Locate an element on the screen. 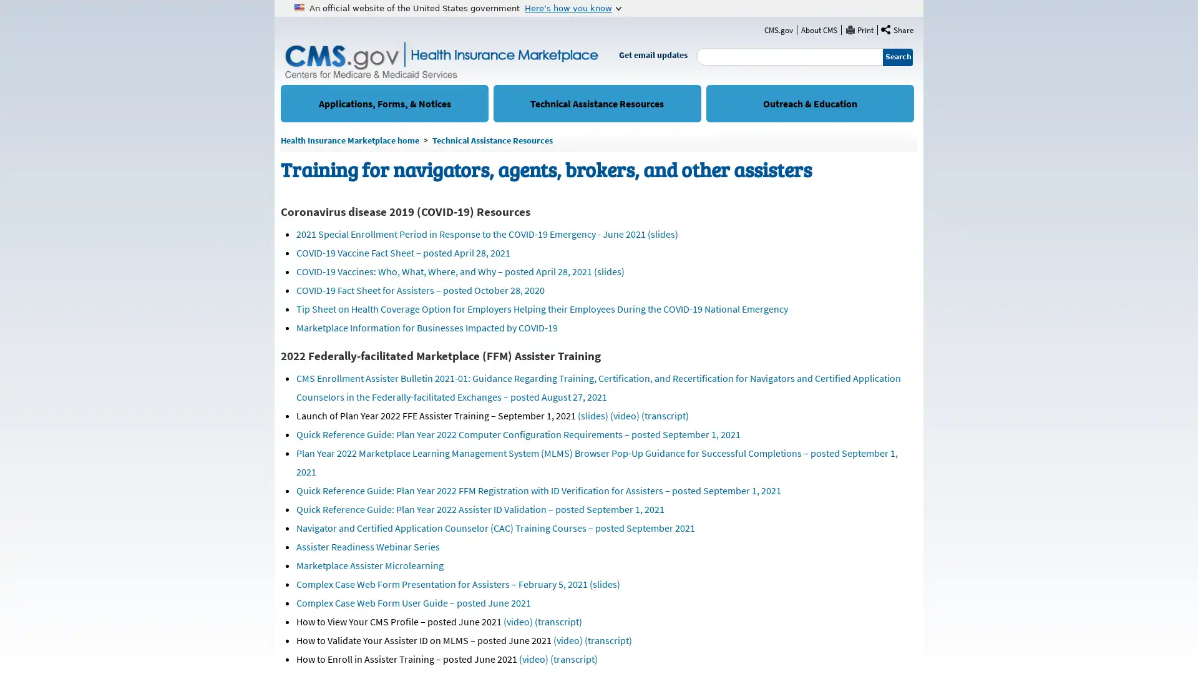 The image size is (1198, 674). Search is located at coordinates (897, 57).